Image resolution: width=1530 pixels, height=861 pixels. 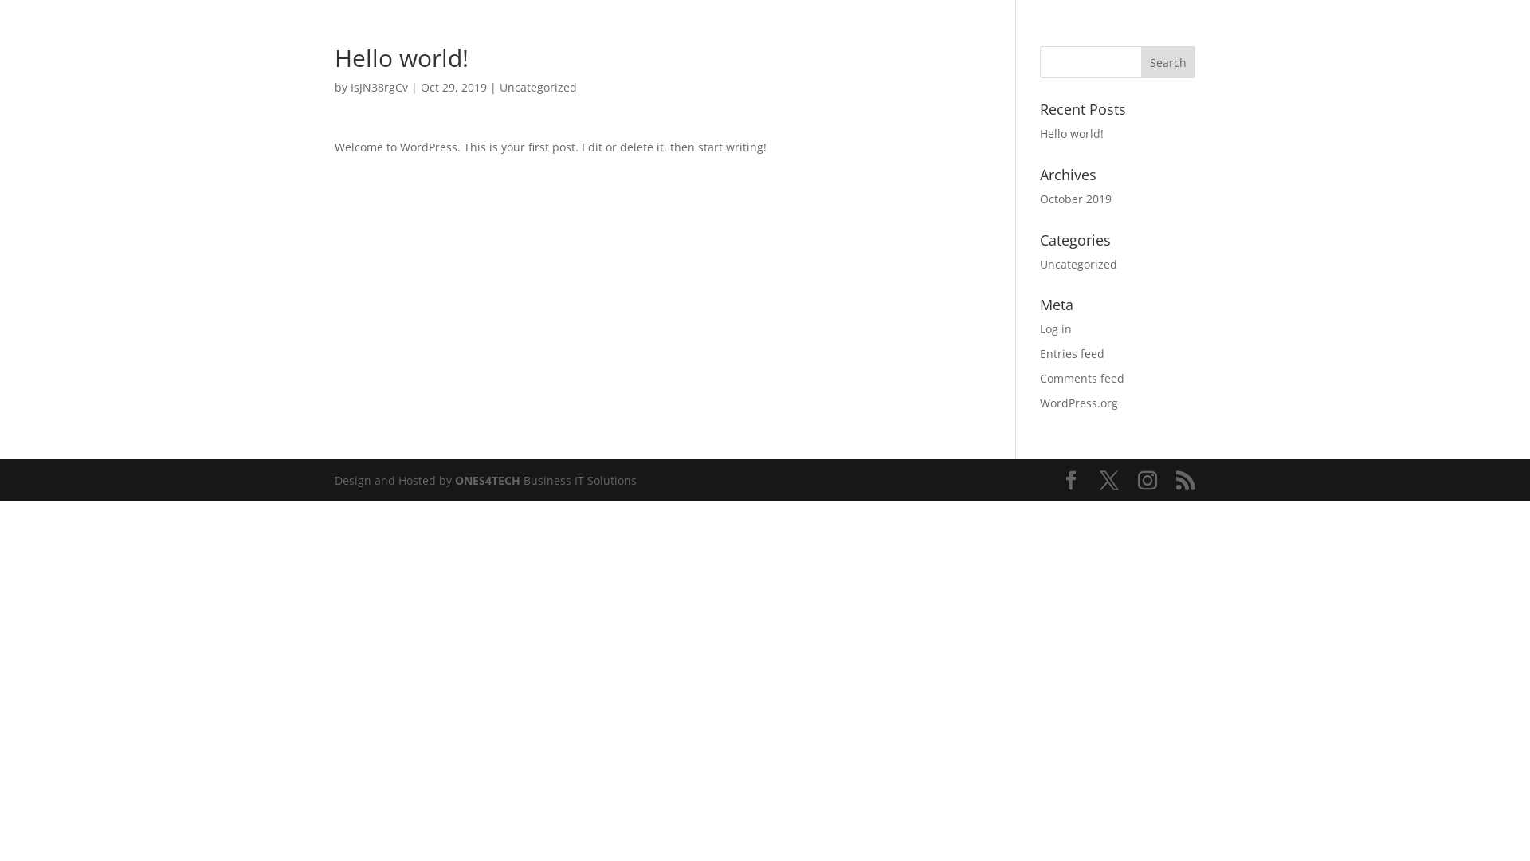 What do you see at coordinates (1078, 263) in the screenshot?
I see `'Uncategorized'` at bounding box center [1078, 263].